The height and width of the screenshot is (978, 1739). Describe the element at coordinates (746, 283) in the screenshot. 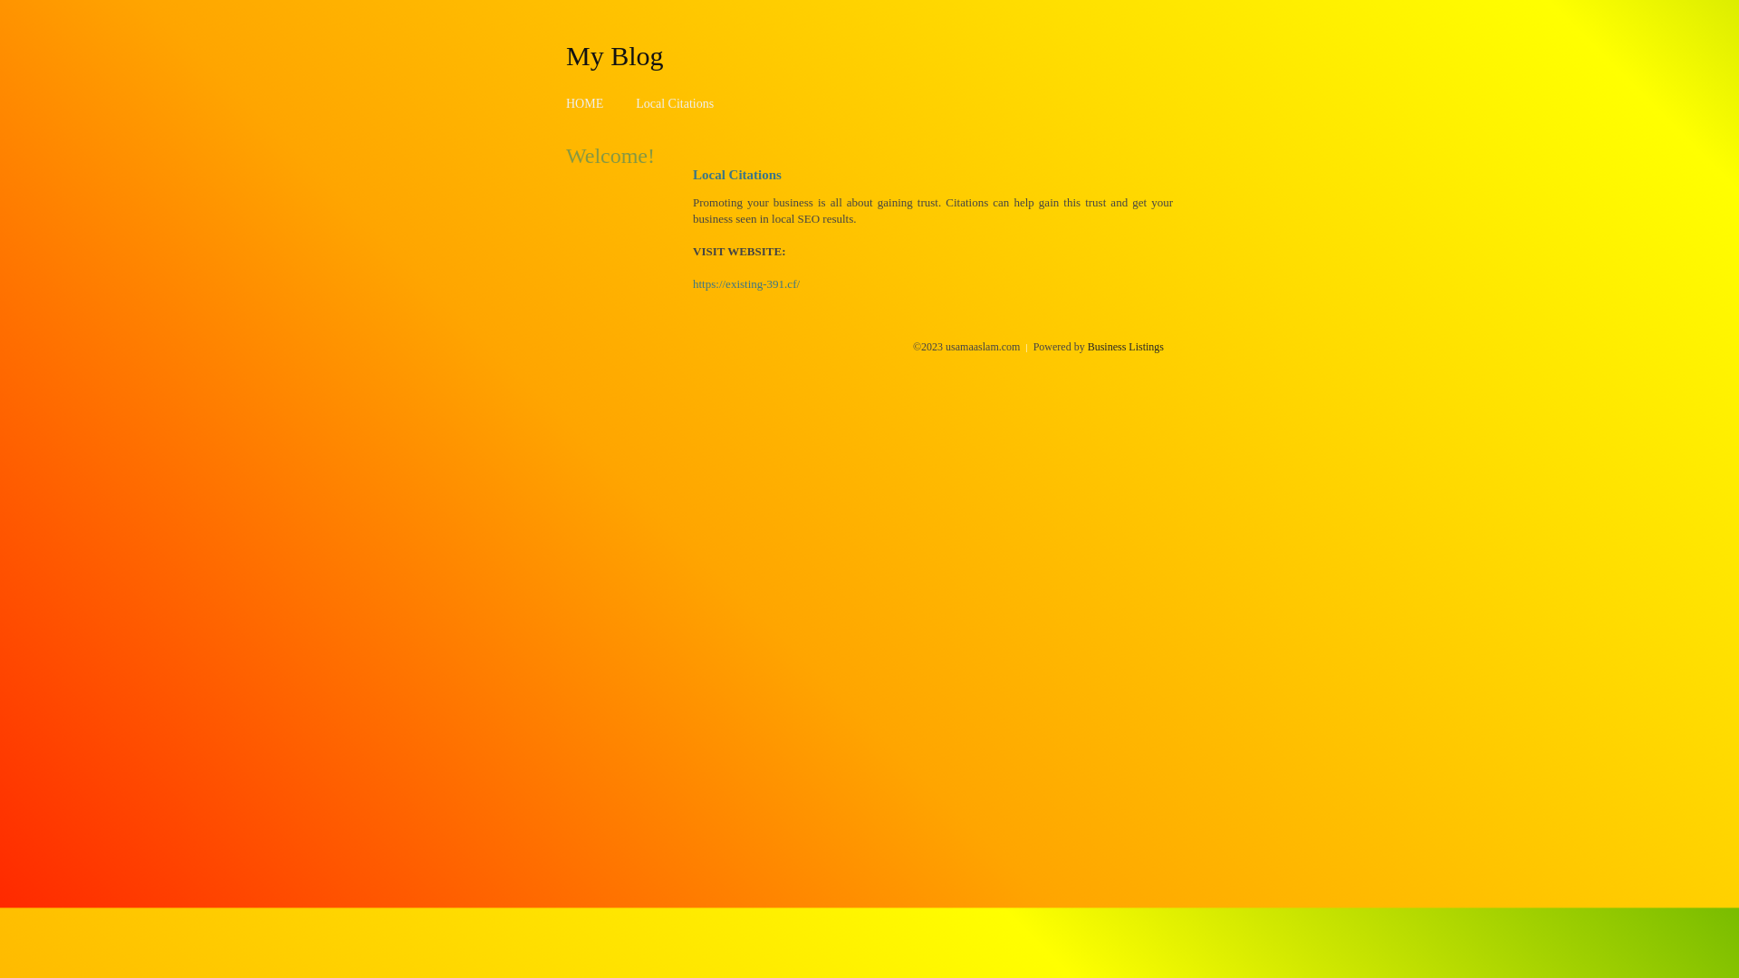

I see `'https://existing-391.cf/'` at that location.